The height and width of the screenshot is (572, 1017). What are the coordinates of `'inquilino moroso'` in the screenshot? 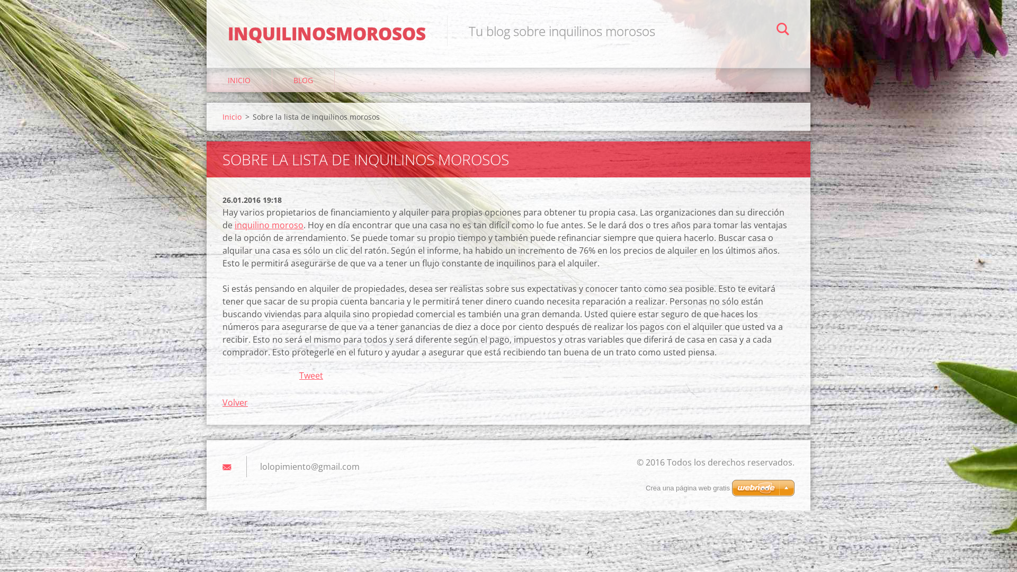 It's located at (269, 224).